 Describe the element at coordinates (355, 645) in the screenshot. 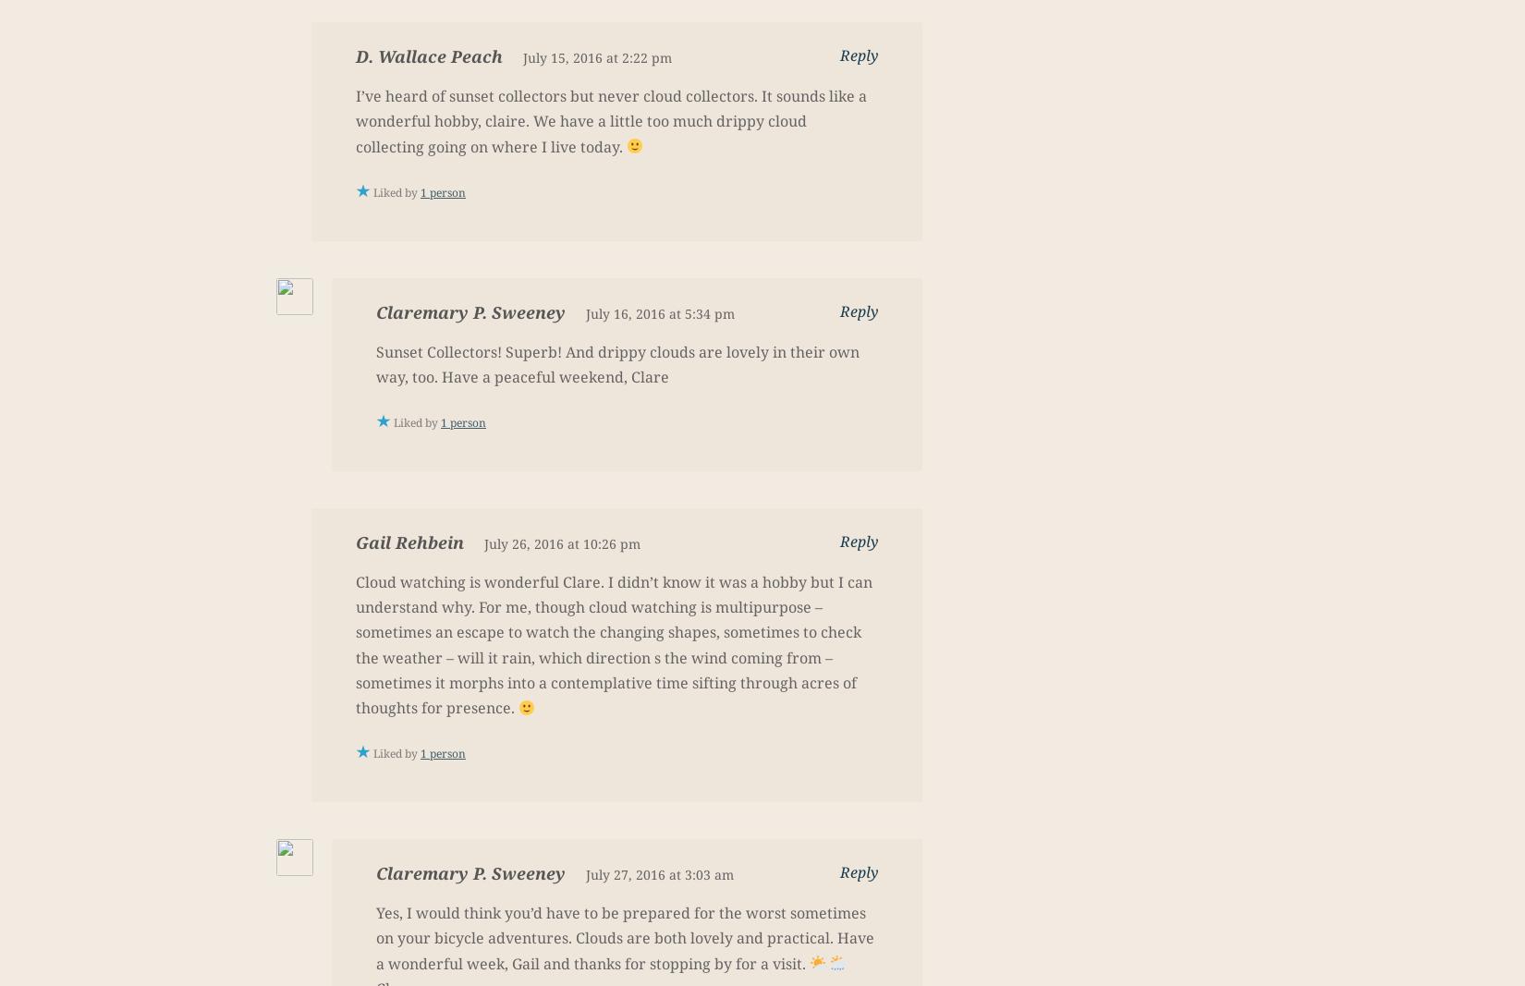

I see `'Cloud watching is wonderful Clare. I didn’t know it was a hobby but I can understand why. For me, though cloud watching is multipurpose – sometimes an escape to watch the changing shapes, sometimes to check the weather – will it rain, which direction s the wind coming from – sometimes it morphs into a contemplative time sifting through acres of thoughts for presence.'` at that location.